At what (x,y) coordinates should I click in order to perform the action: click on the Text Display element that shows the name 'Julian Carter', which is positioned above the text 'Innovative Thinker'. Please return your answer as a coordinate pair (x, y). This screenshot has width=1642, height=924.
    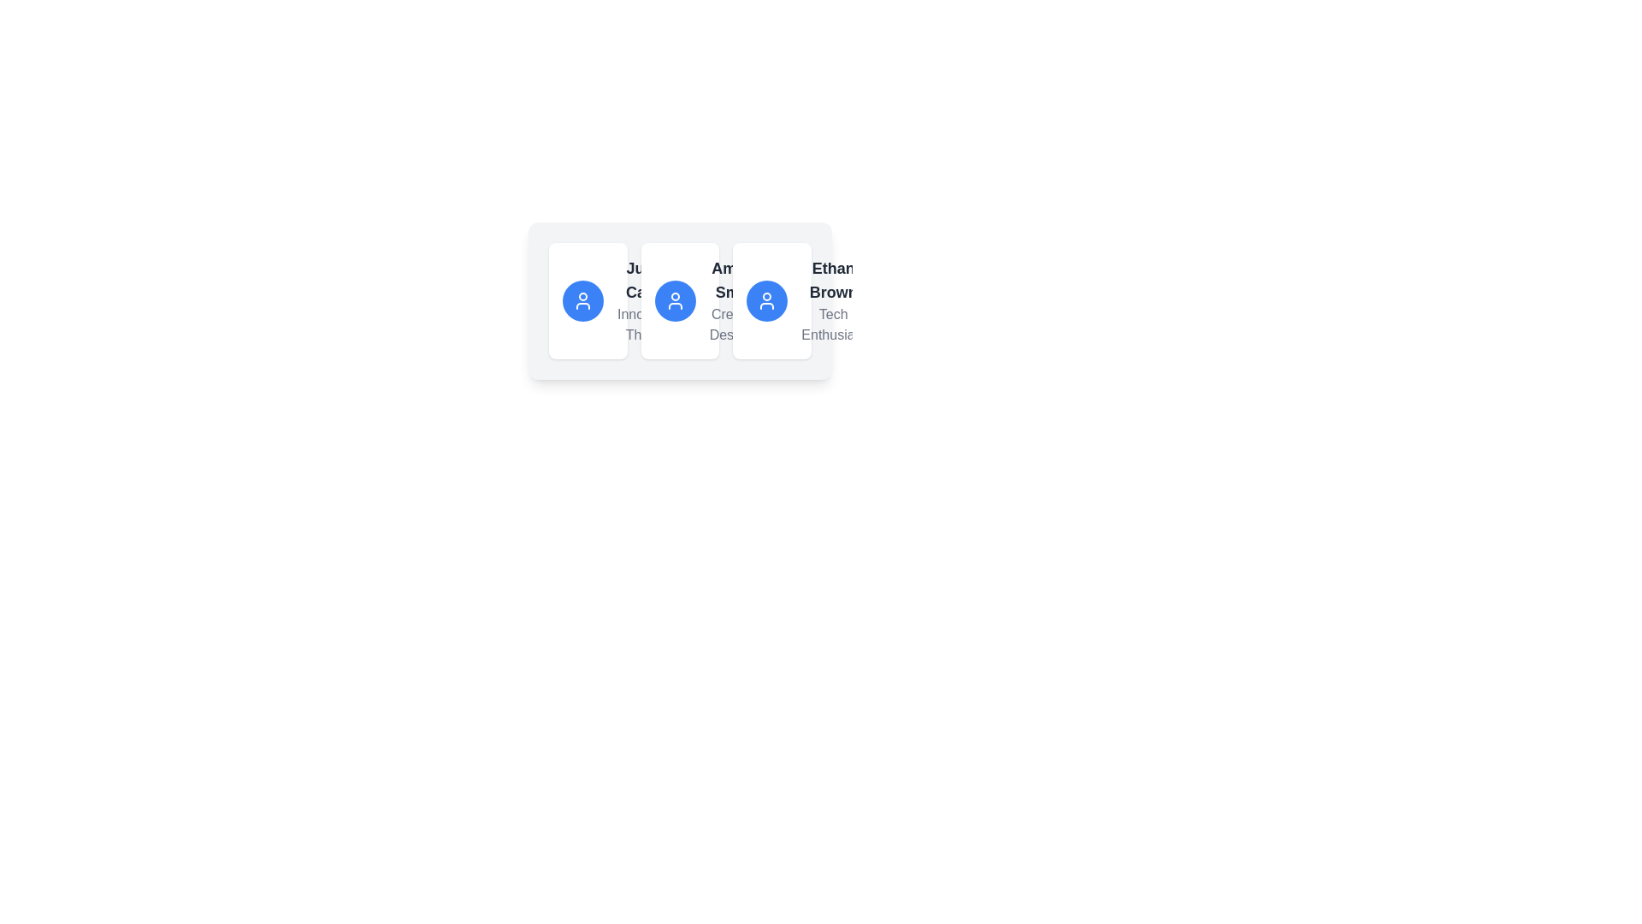
    Looking at the image, I should click on (647, 279).